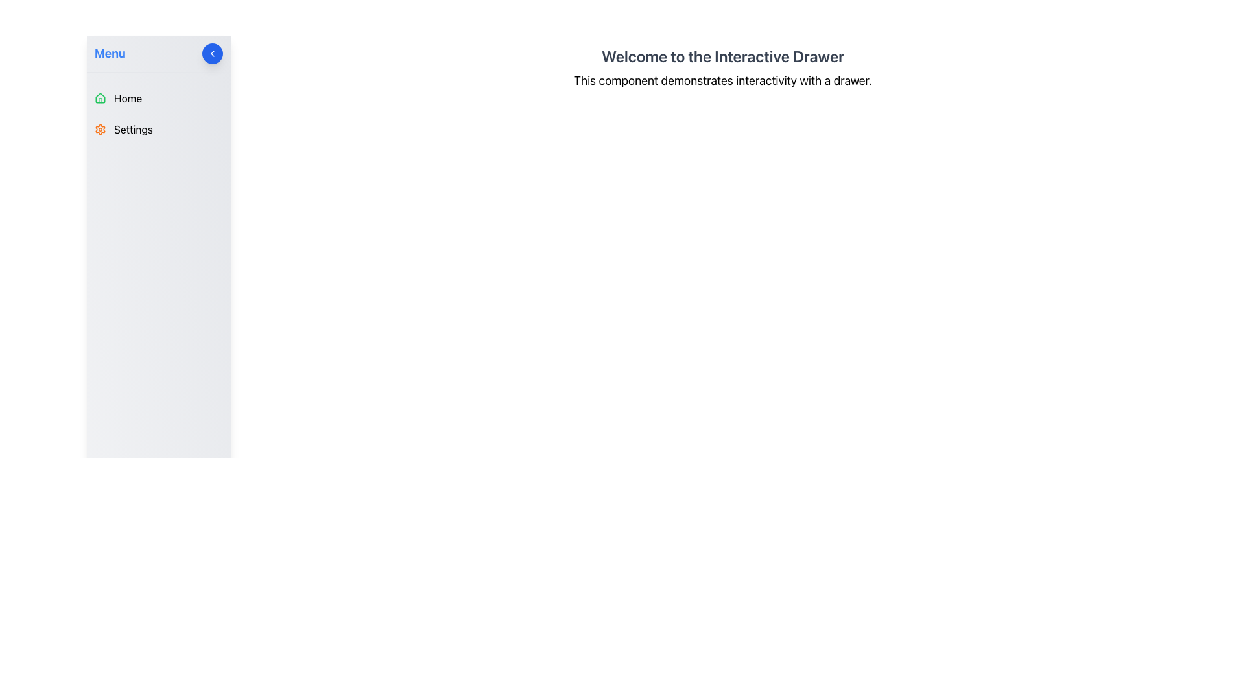  I want to click on the chevron icon located at the top-right corner of the vertical menu panel, so click(212, 53).